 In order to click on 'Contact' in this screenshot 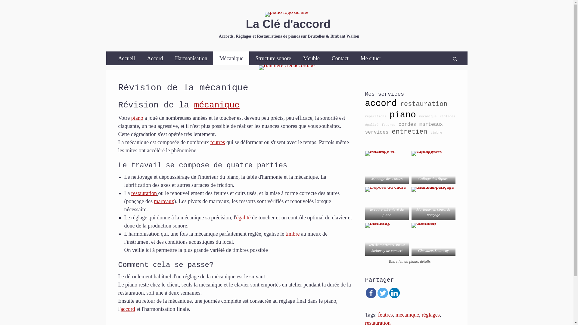, I will do `click(340, 58)`.